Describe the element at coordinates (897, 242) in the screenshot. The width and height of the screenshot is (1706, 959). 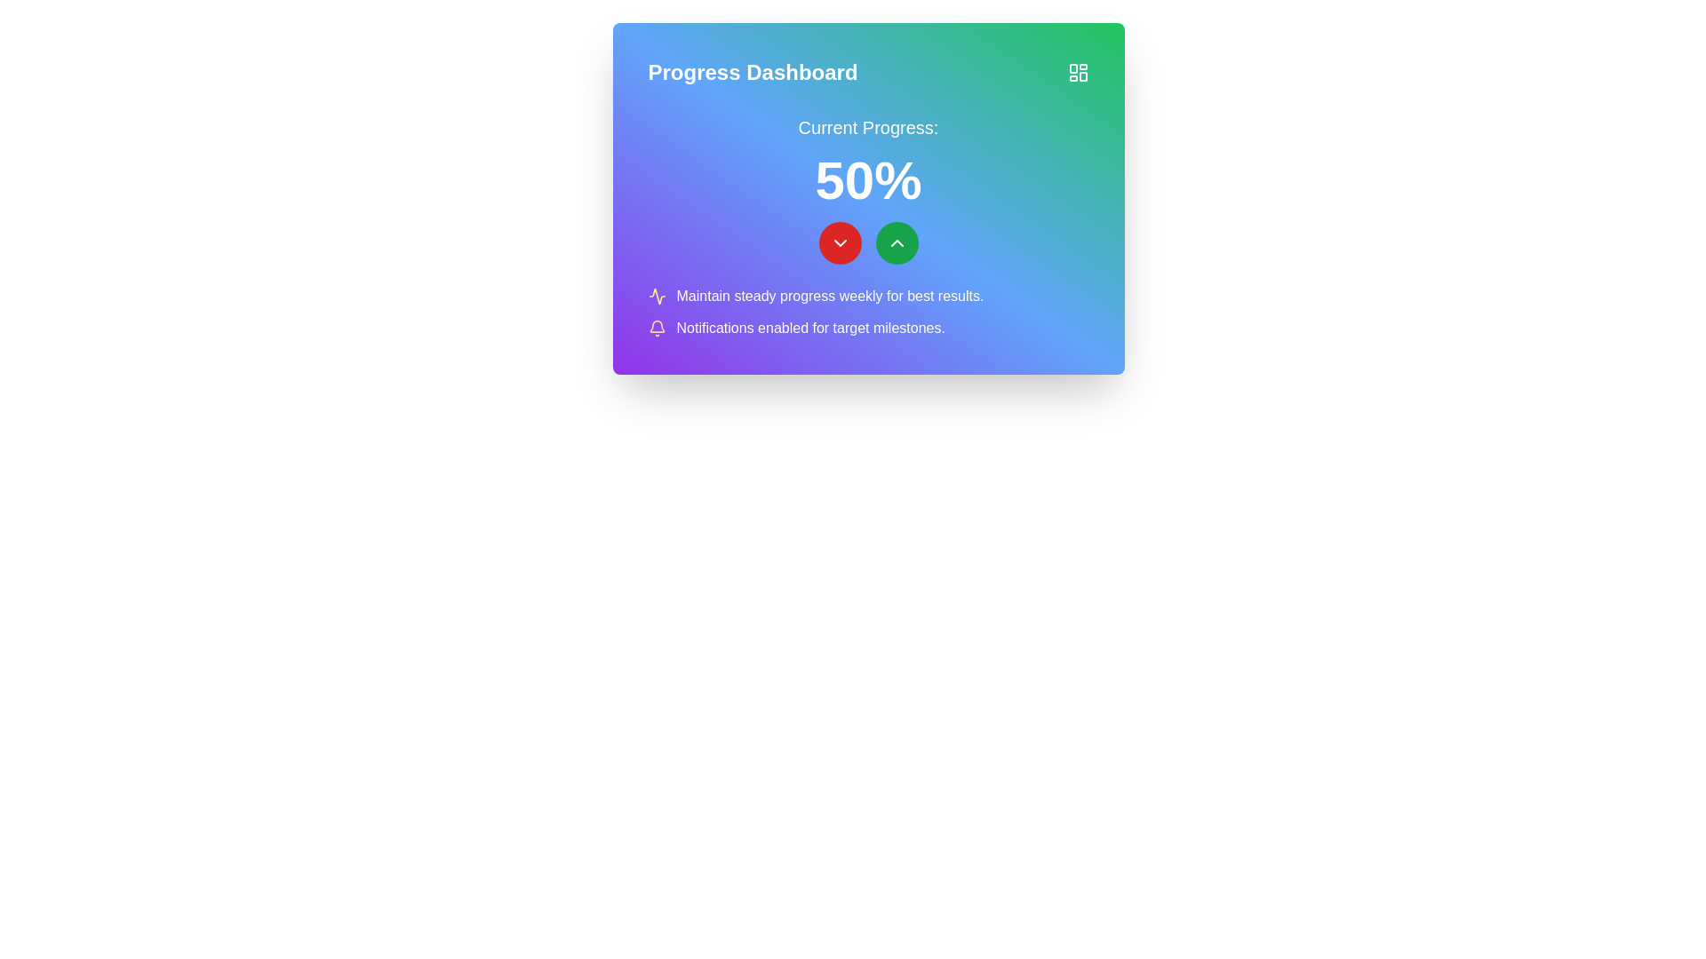
I see `the upward-pointing chevron icon located within the green circular button beneath the '50%' progress indicator` at that location.